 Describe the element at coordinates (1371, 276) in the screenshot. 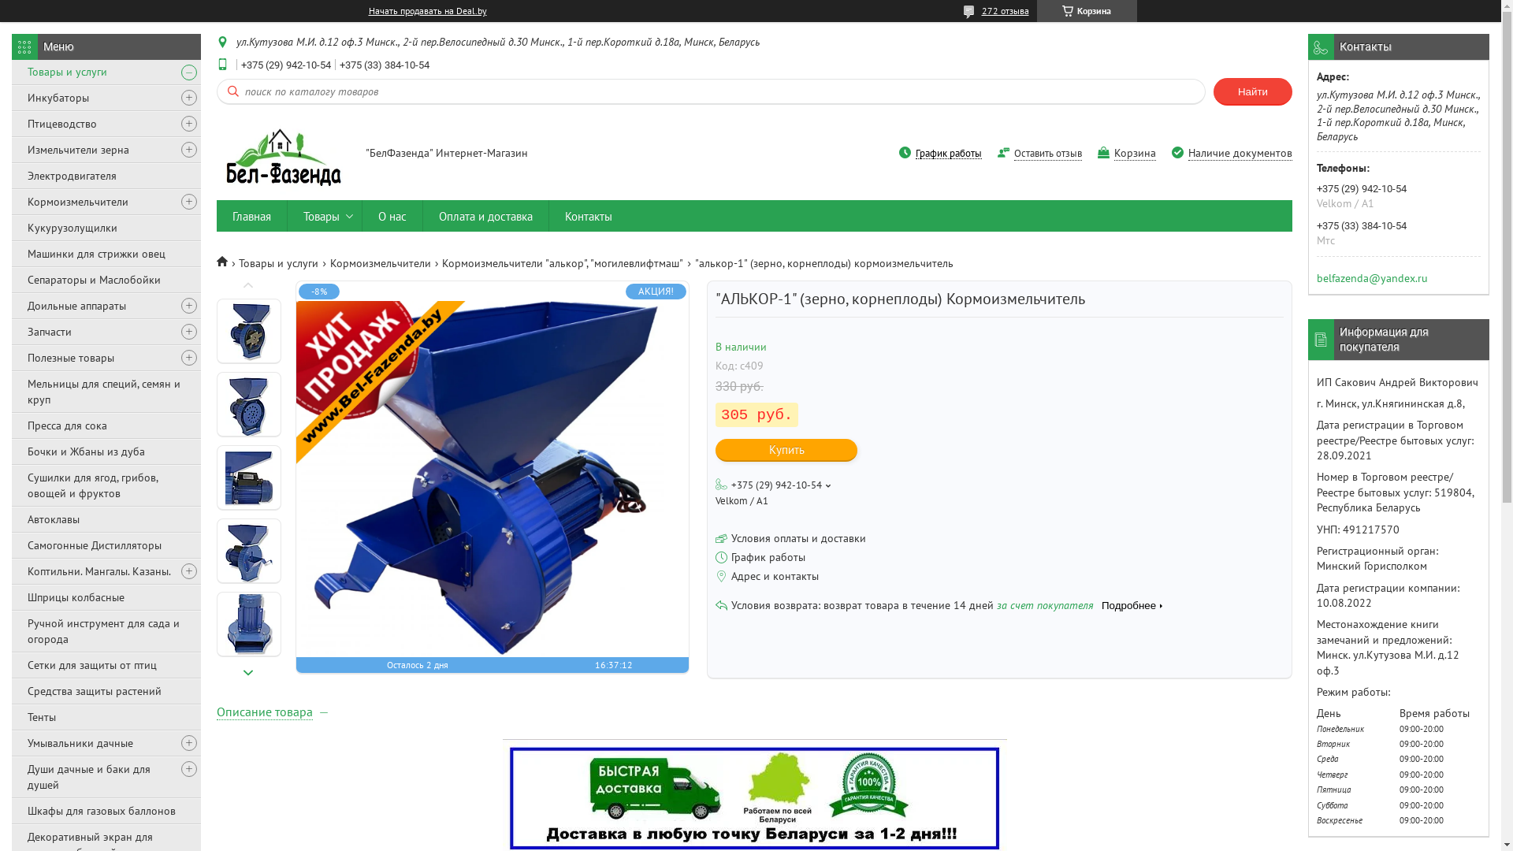

I see `'belfazenda@yandex.ru'` at that location.